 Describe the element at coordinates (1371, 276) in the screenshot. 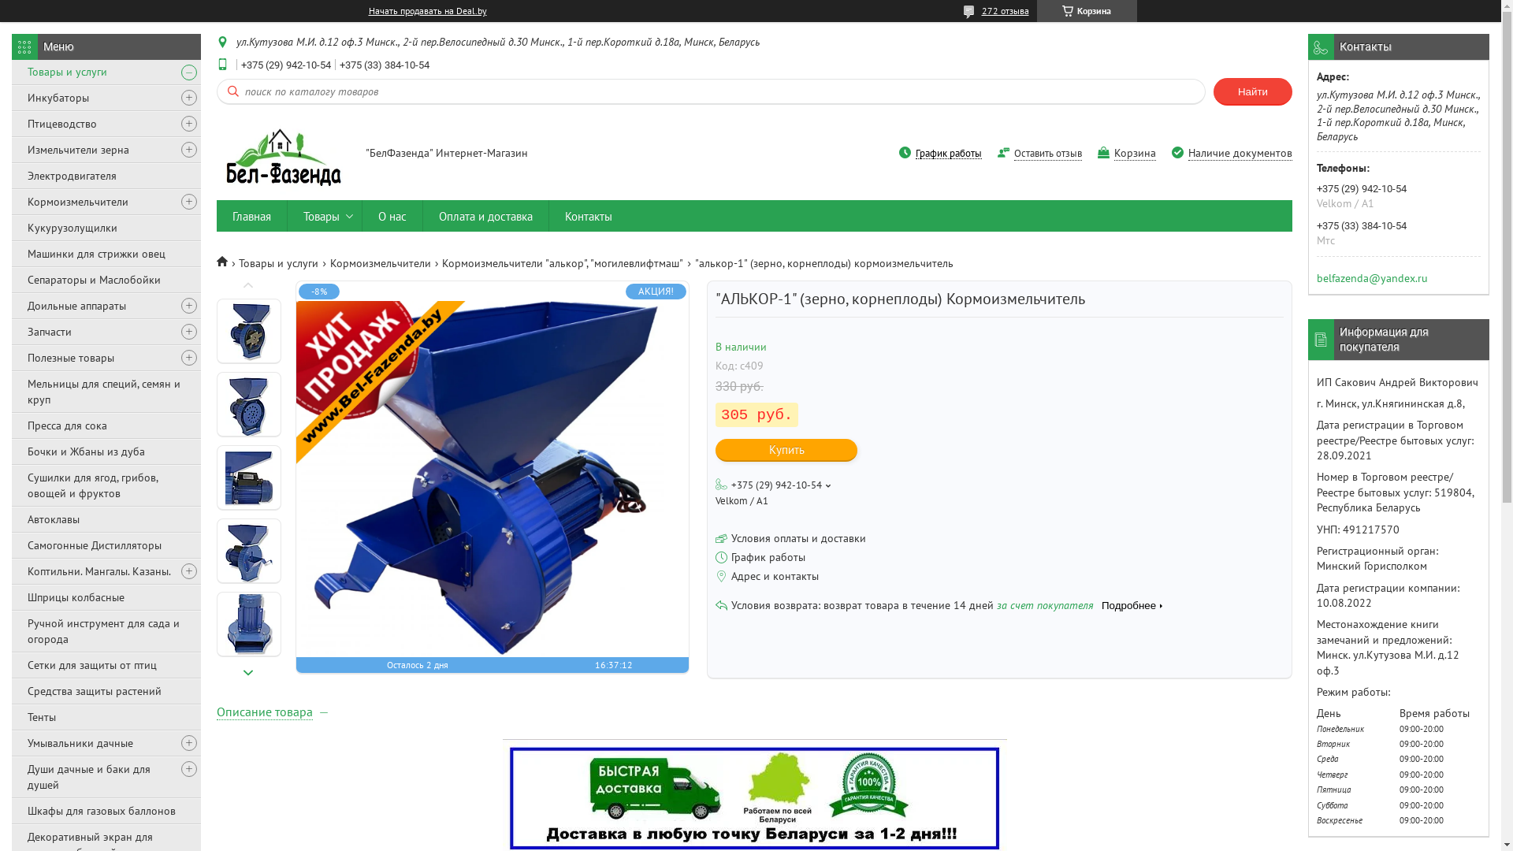

I see `'belfazenda@yandex.ru'` at that location.